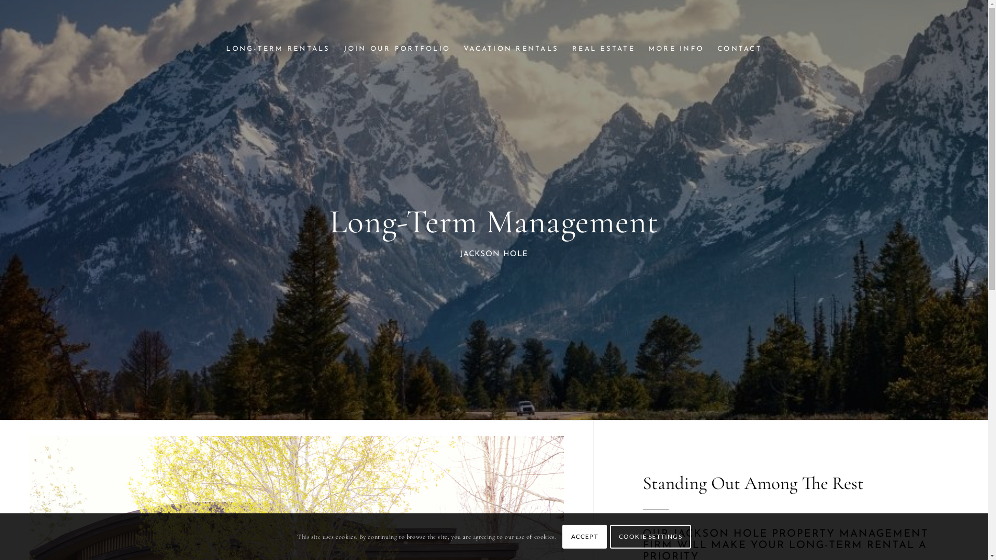 This screenshot has height=560, width=996. Describe the element at coordinates (710, 49) in the screenshot. I see `'CONTACT'` at that location.